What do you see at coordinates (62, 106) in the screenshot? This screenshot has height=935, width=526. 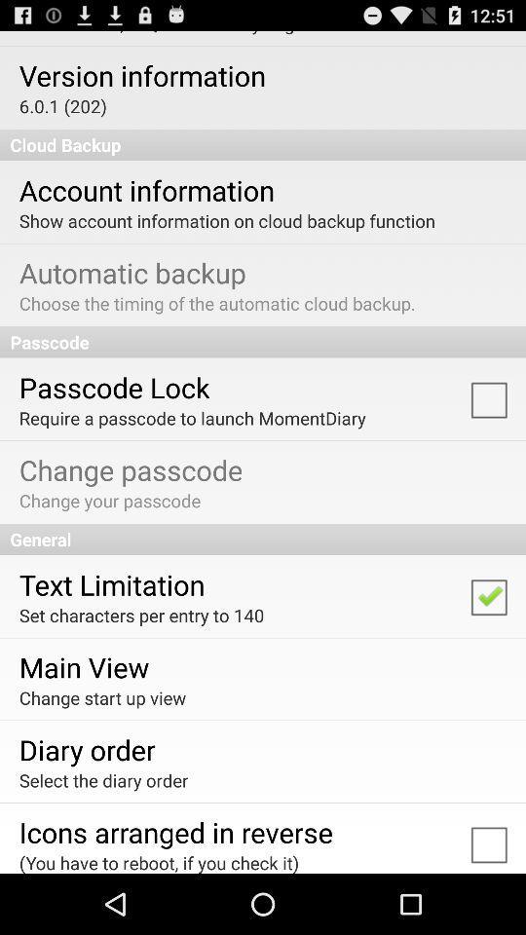 I see `icon below the version information icon` at bounding box center [62, 106].